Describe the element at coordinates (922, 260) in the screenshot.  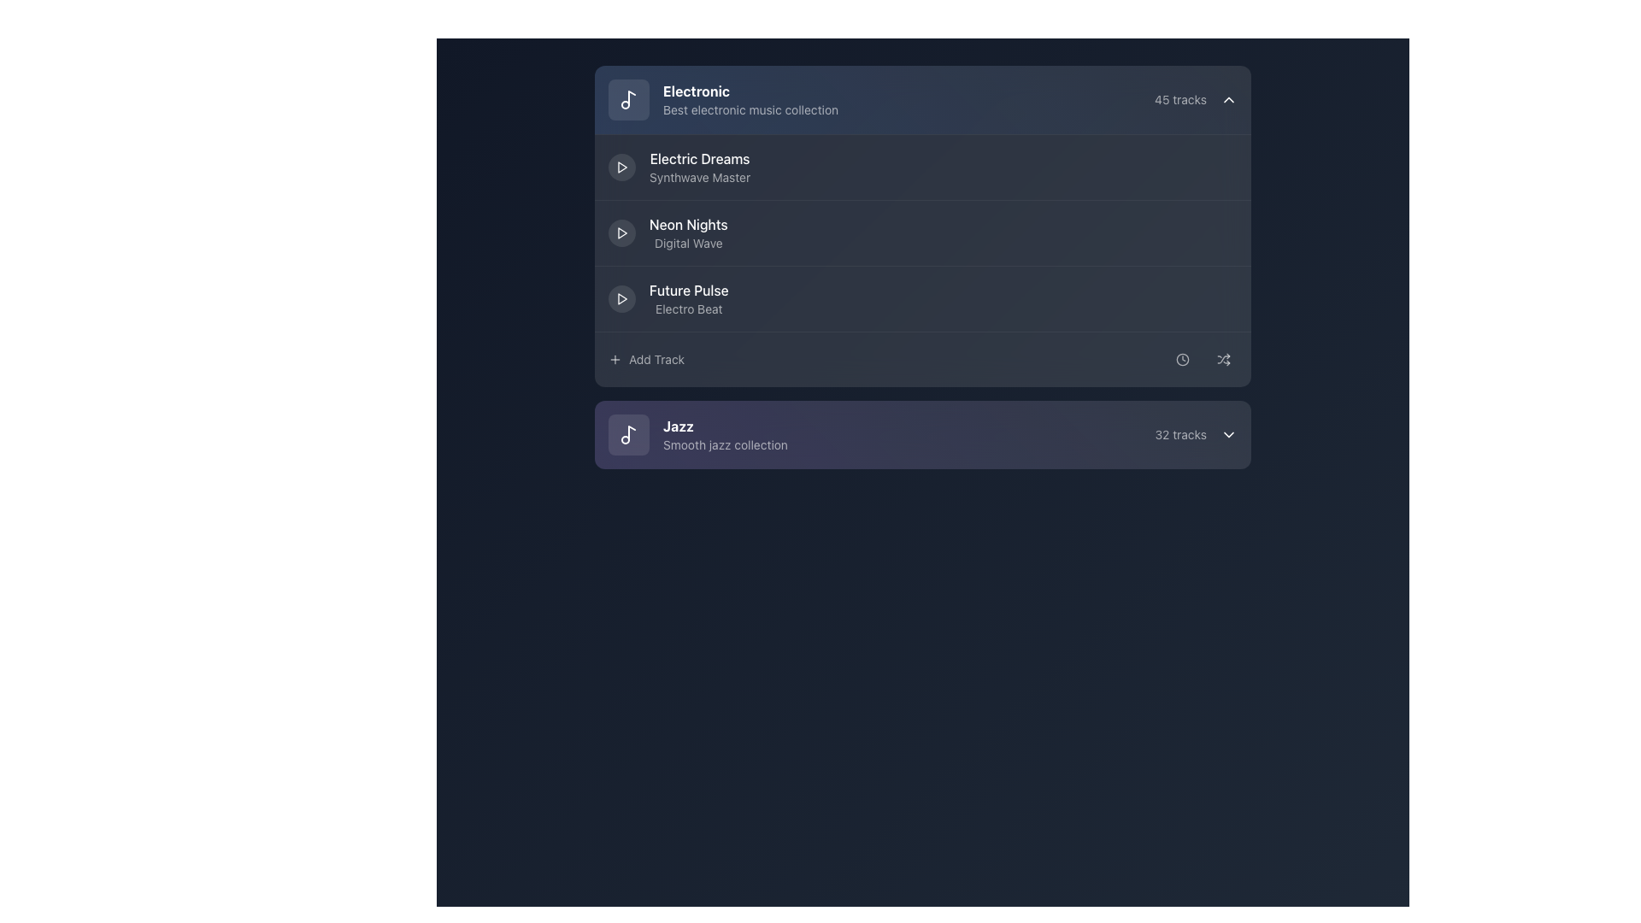
I see `the track title in the vertically aligned list of music tracks` at that location.